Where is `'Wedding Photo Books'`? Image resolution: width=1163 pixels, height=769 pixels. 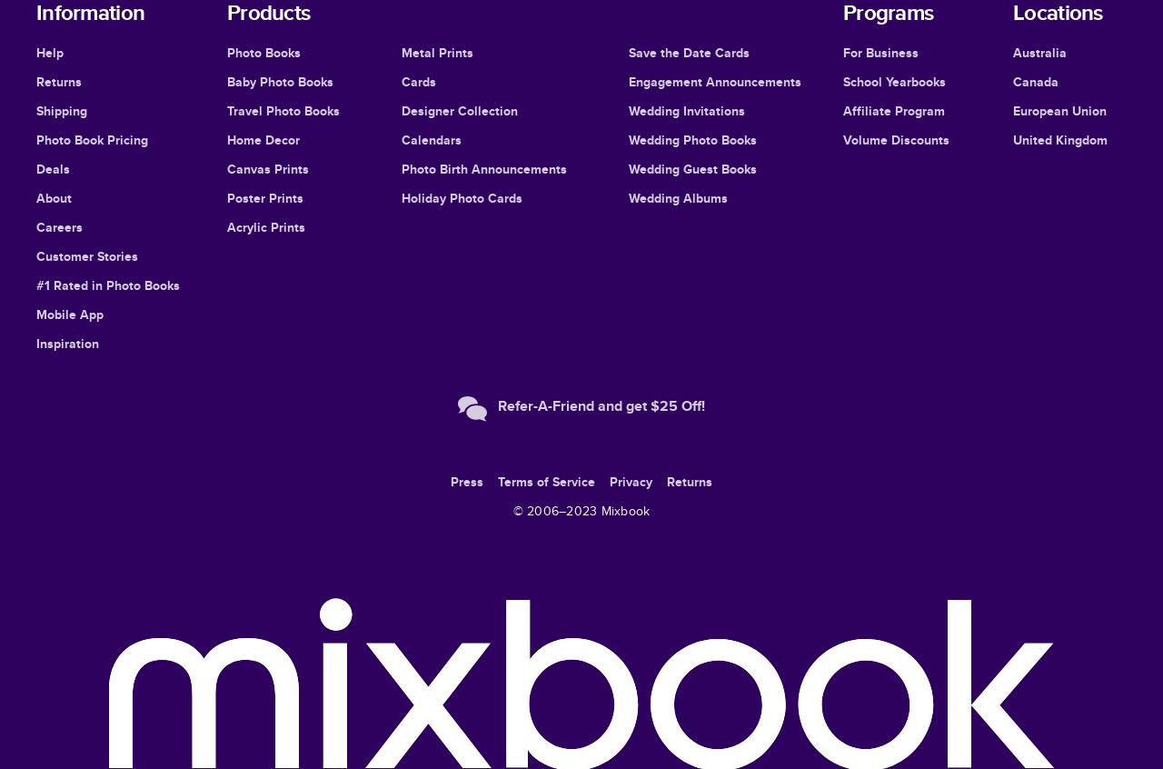
'Wedding Photo Books' is located at coordinates (691, 138).